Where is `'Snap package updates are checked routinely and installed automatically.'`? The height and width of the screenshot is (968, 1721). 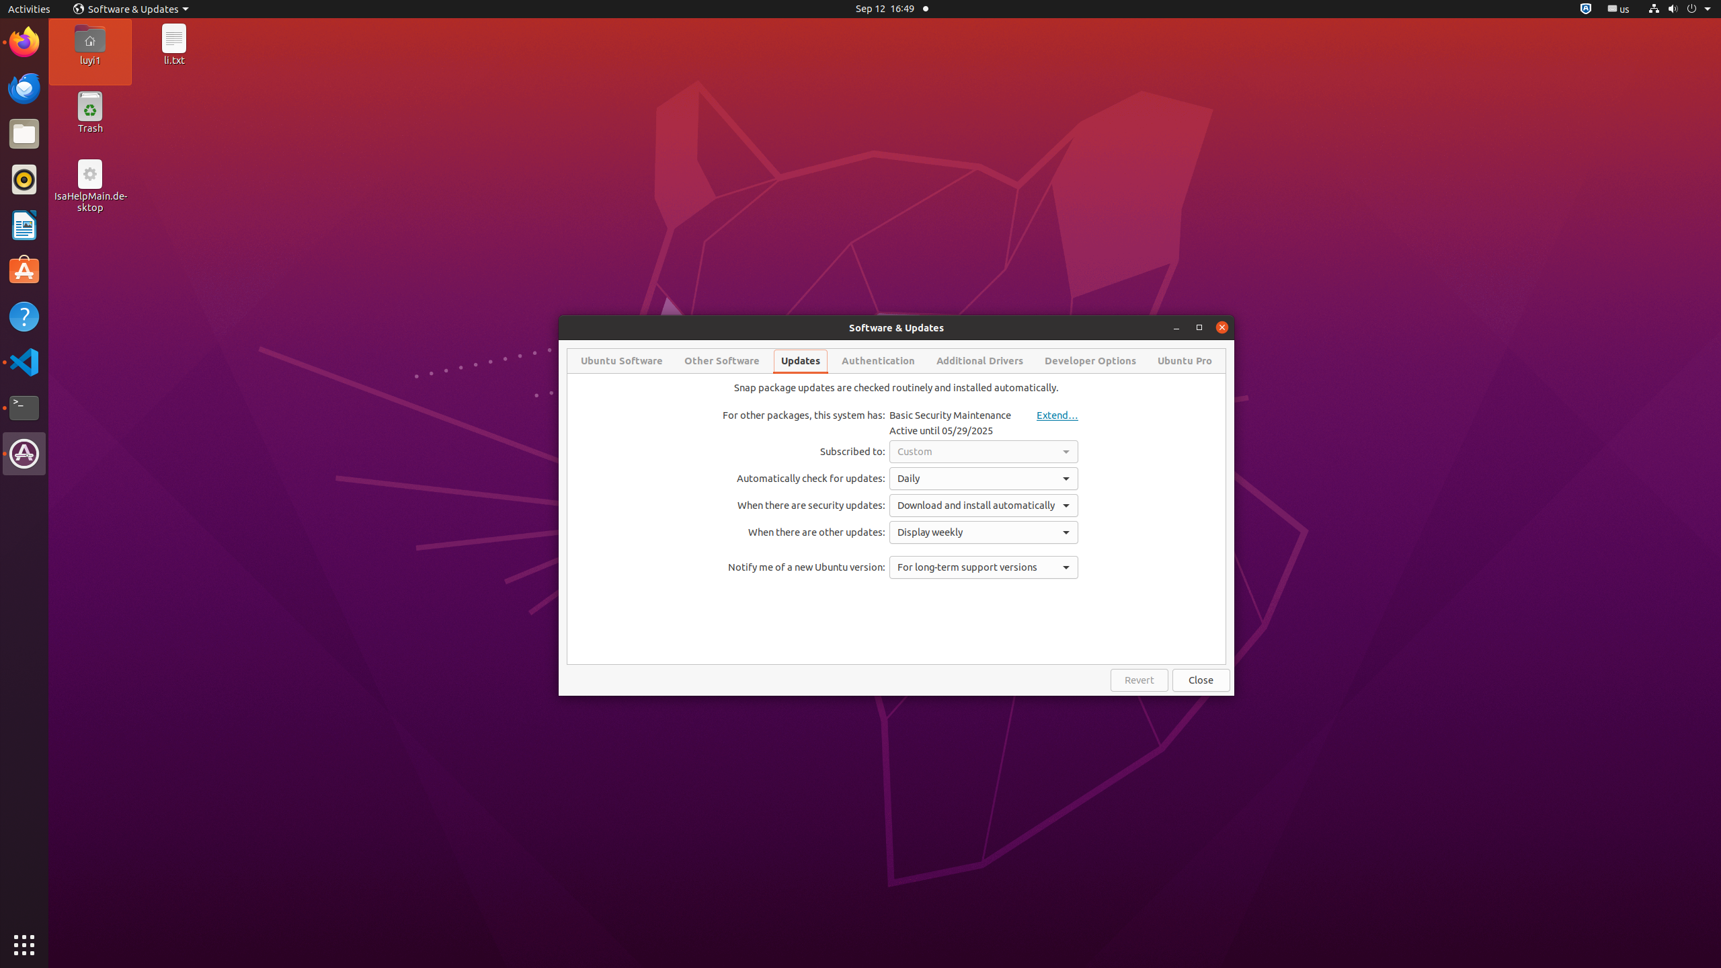 'Snap package updates are checked routinely and installed automatically.' is located at coordinates (895, 387).